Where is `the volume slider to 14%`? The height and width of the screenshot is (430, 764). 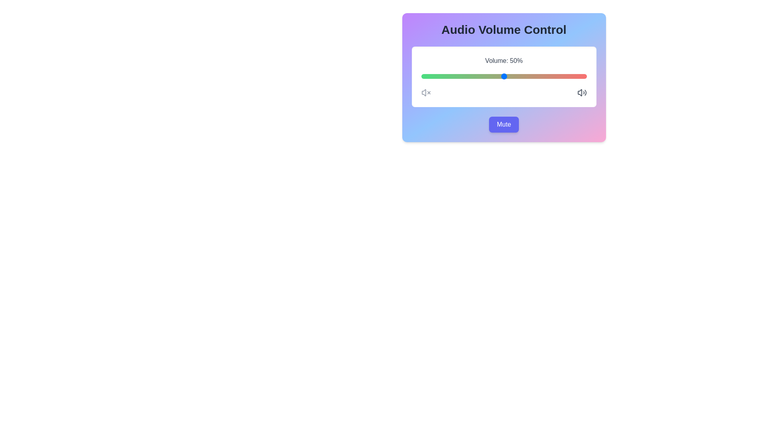
the volume slider to 14% is located at coordinates (444, 76).